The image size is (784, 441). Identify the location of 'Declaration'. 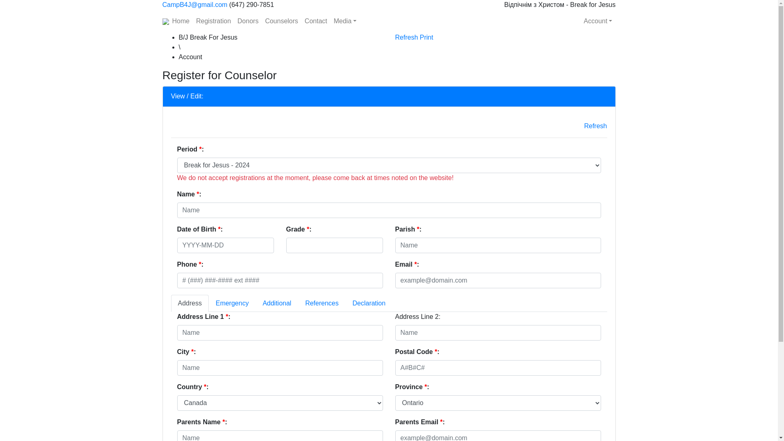
(345, 303).